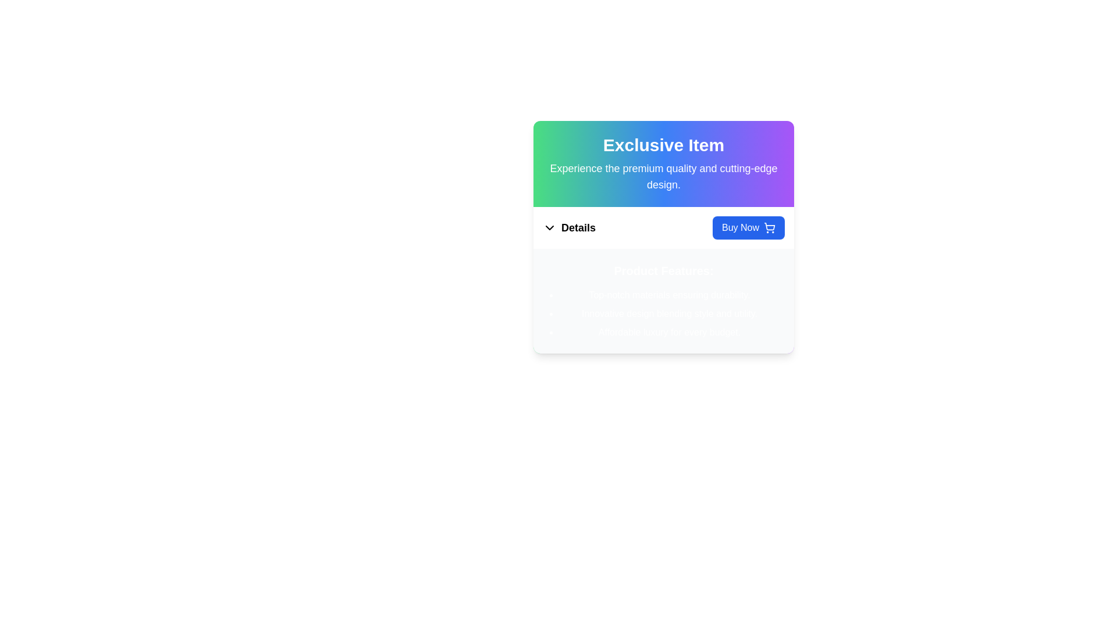 The width and height of the screenshot is (1117, 628). What do you see at coordinates (664, 145) in the screenshot?
I see `the header displaying 'Exclusive Item' in large, bold, white font, which is centered within a green-to-purple gradient background` at bounding box center [664, 145].